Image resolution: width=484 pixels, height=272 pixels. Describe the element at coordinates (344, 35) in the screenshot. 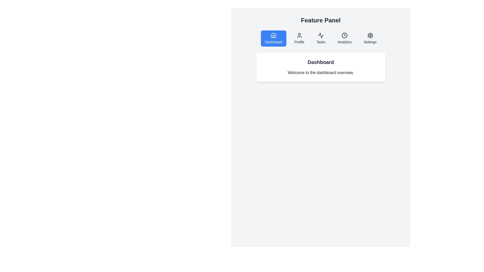

I see `the circular graphical component representing a clock outline in the 'Analytics' section of the top navigation bar` at that location.